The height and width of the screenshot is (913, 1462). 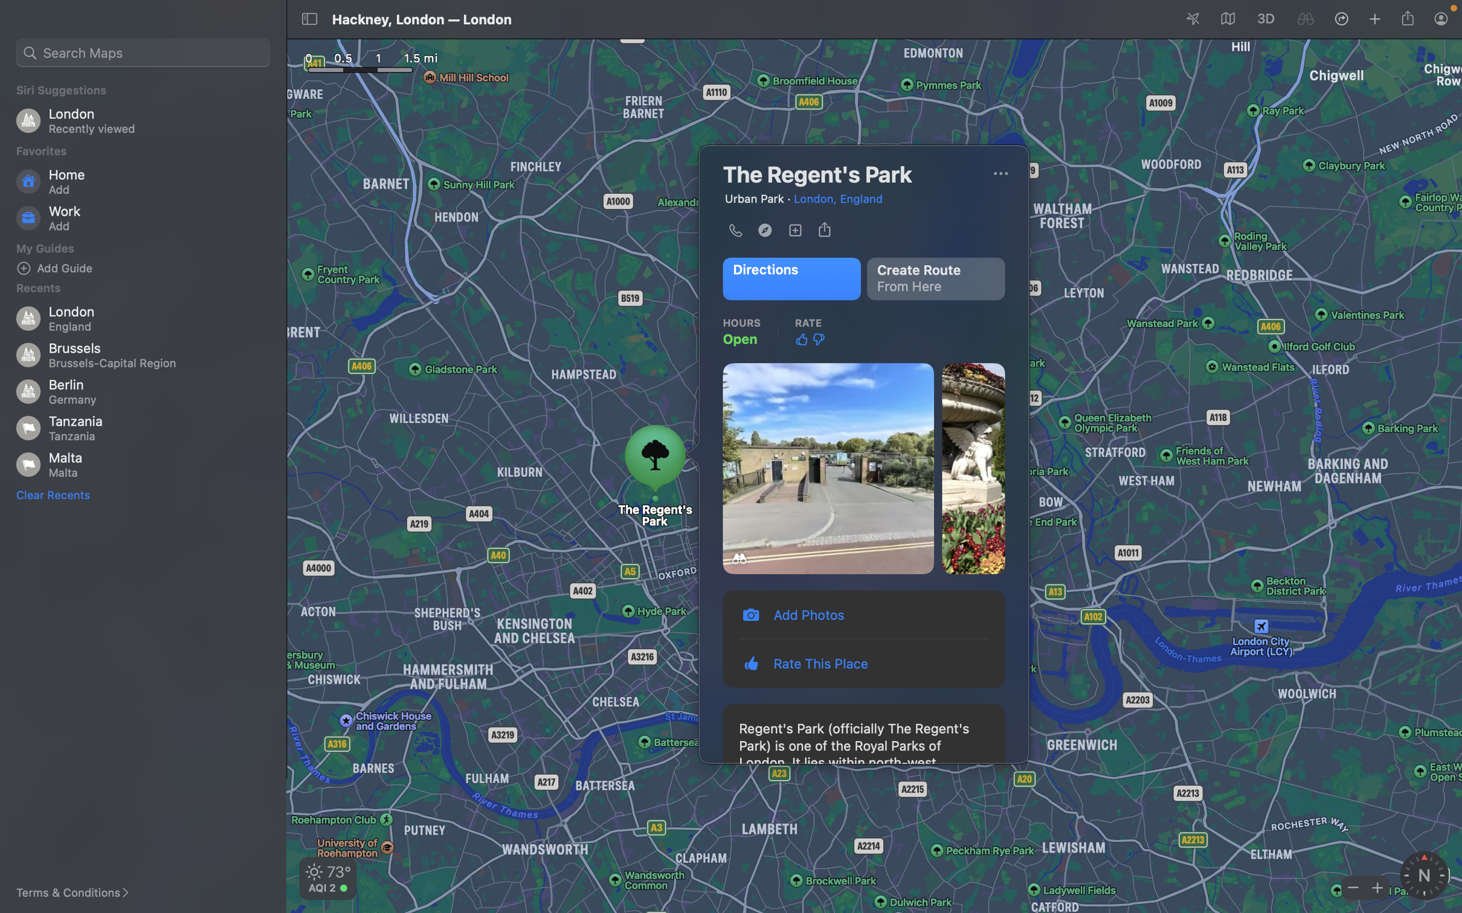 I want to click on Approve the location by clicking on the thumbs up icon, so click(x=801, y=339).